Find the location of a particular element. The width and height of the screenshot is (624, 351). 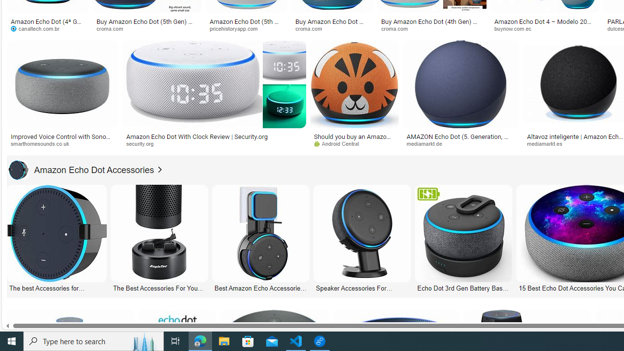

'pricehistoryapp.com' is located at coordinates (247, 28).